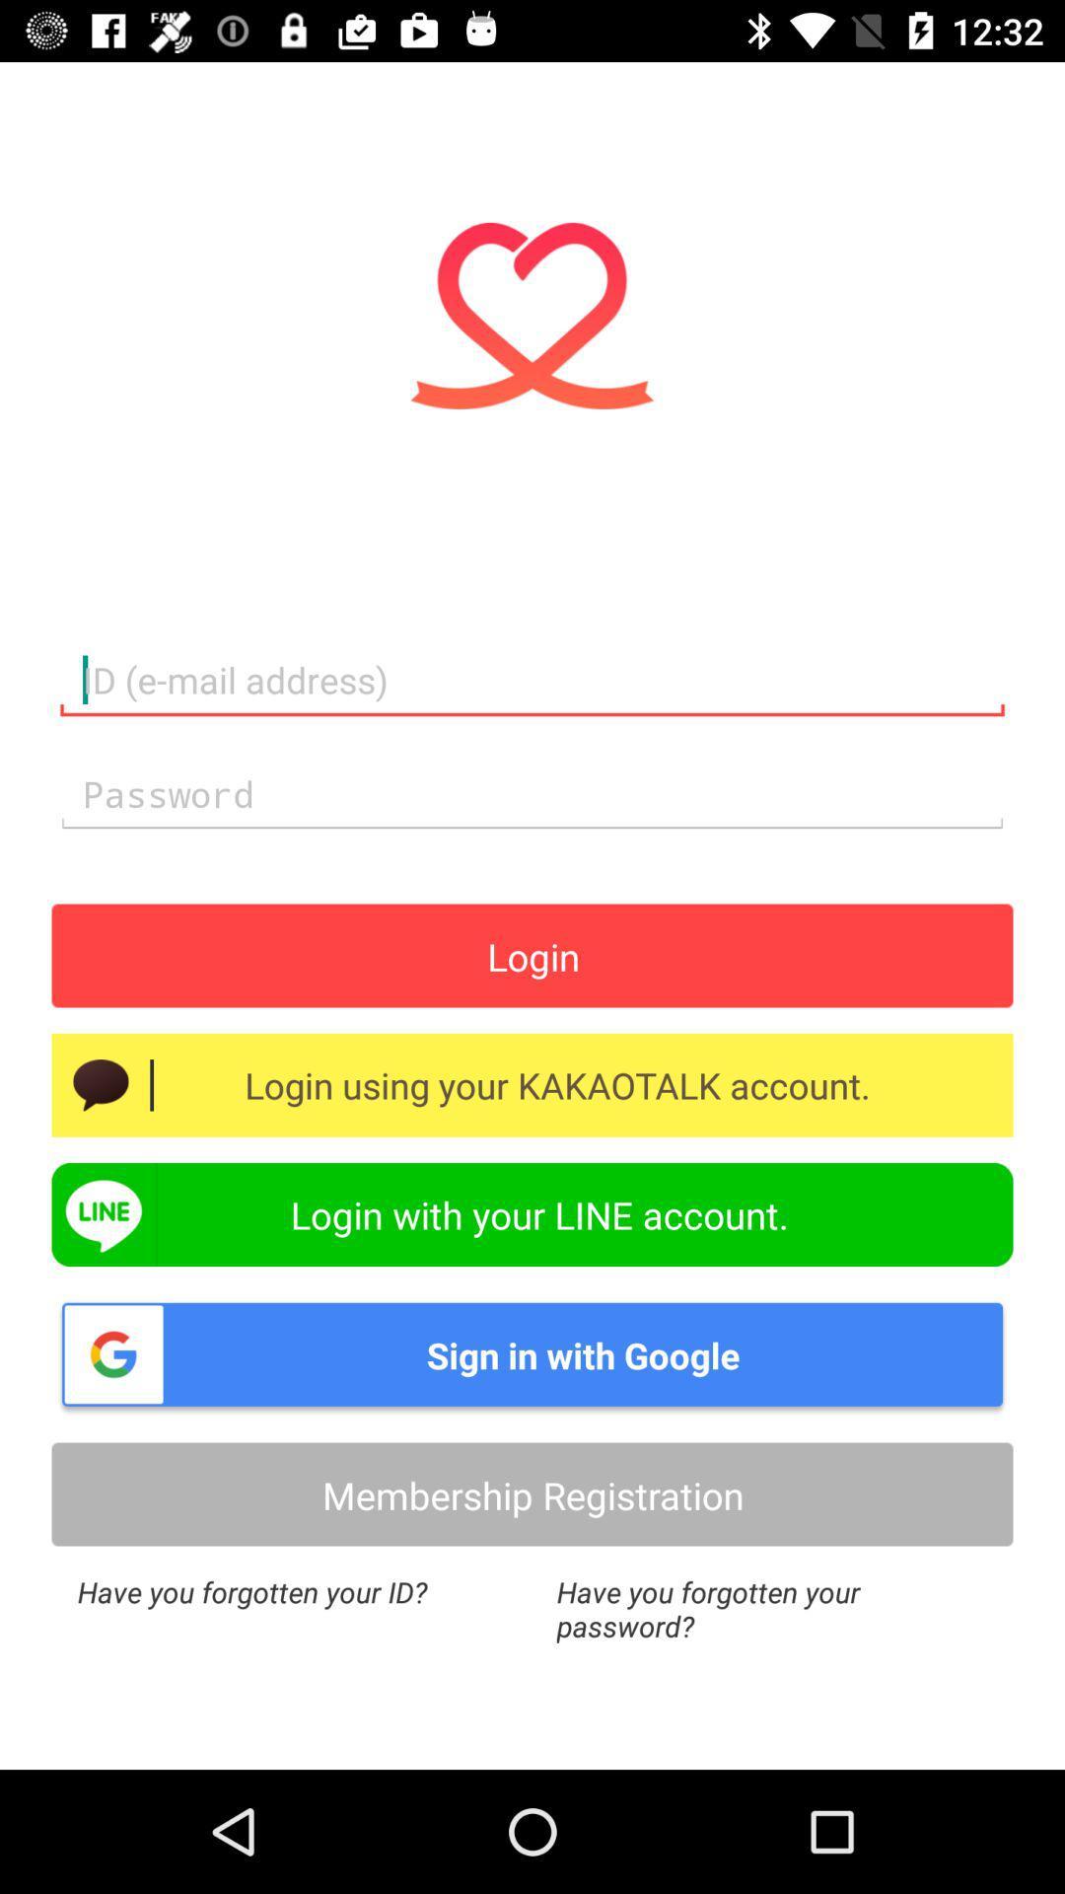 Image resolution: width=1065 pixels, height=1894 pixels. I want to click on the text and icon which is just above the membership registration, so click(532, 1352).